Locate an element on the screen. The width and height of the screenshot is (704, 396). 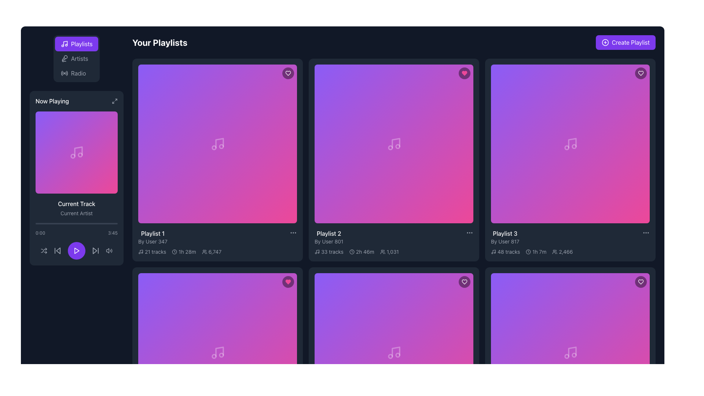
the musical note icon, which is a light line style icon with reduced opacity, located at the center of the bottom-right card in a grid layout is located at coordinates (570, 352).